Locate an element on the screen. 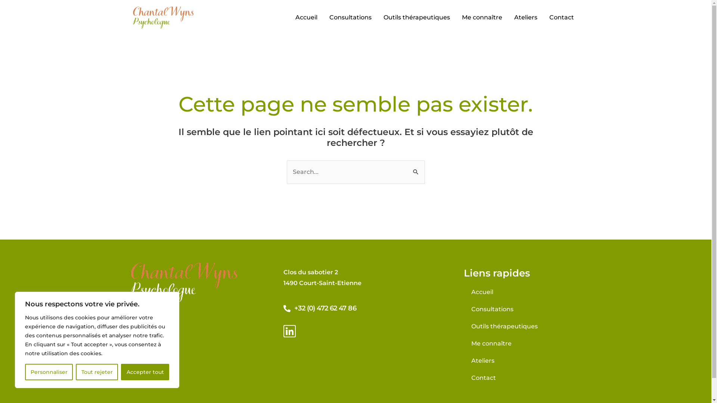  'Rechercher' is located at coordinates (416, 168).